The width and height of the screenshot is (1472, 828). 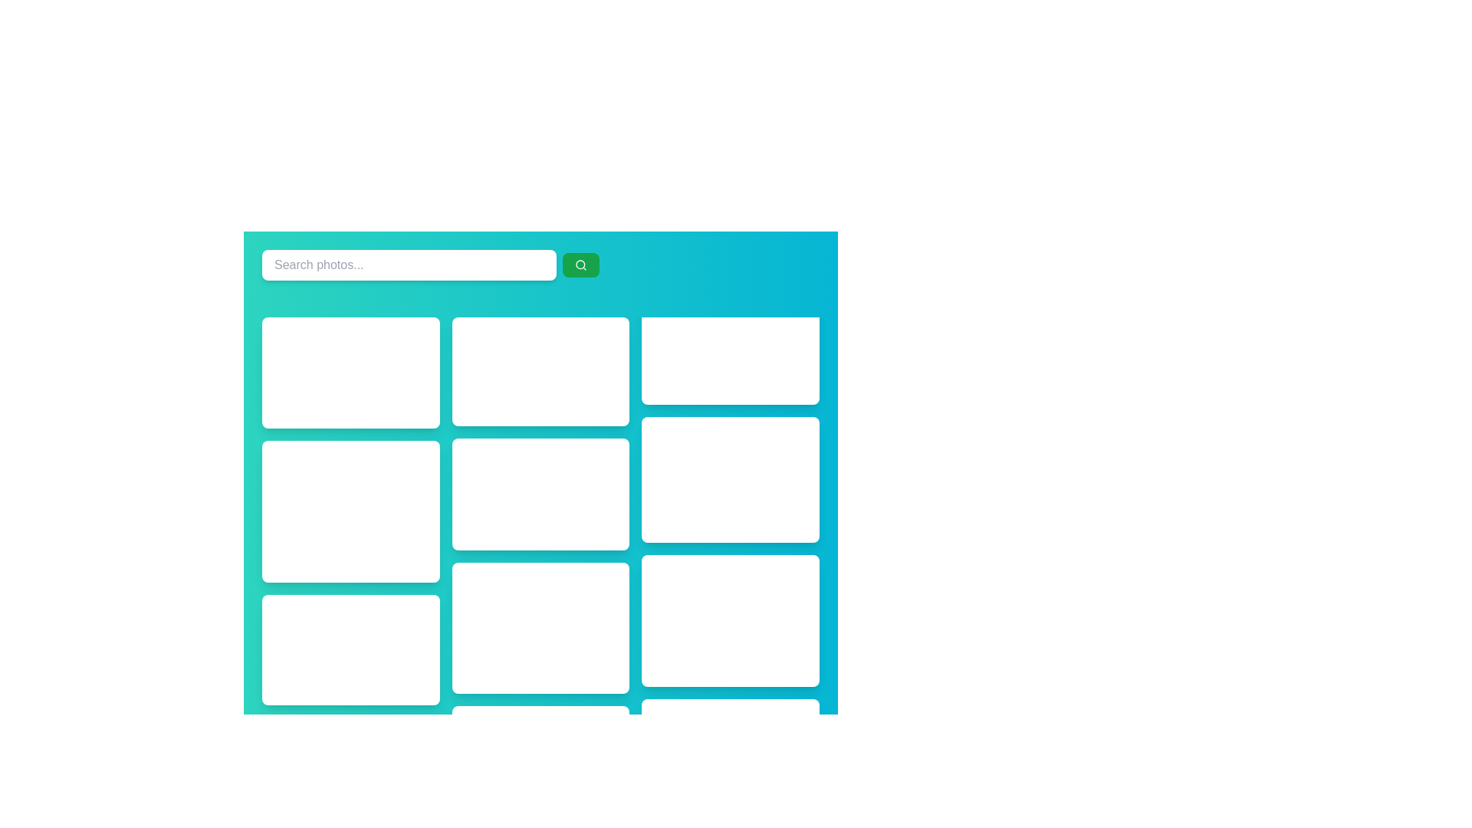 I want to click on the interactive card showcasing content related to 'Photo 6', which is the sixth item in a grid layout, located in the second row and second column, so click(x=540, y=494).